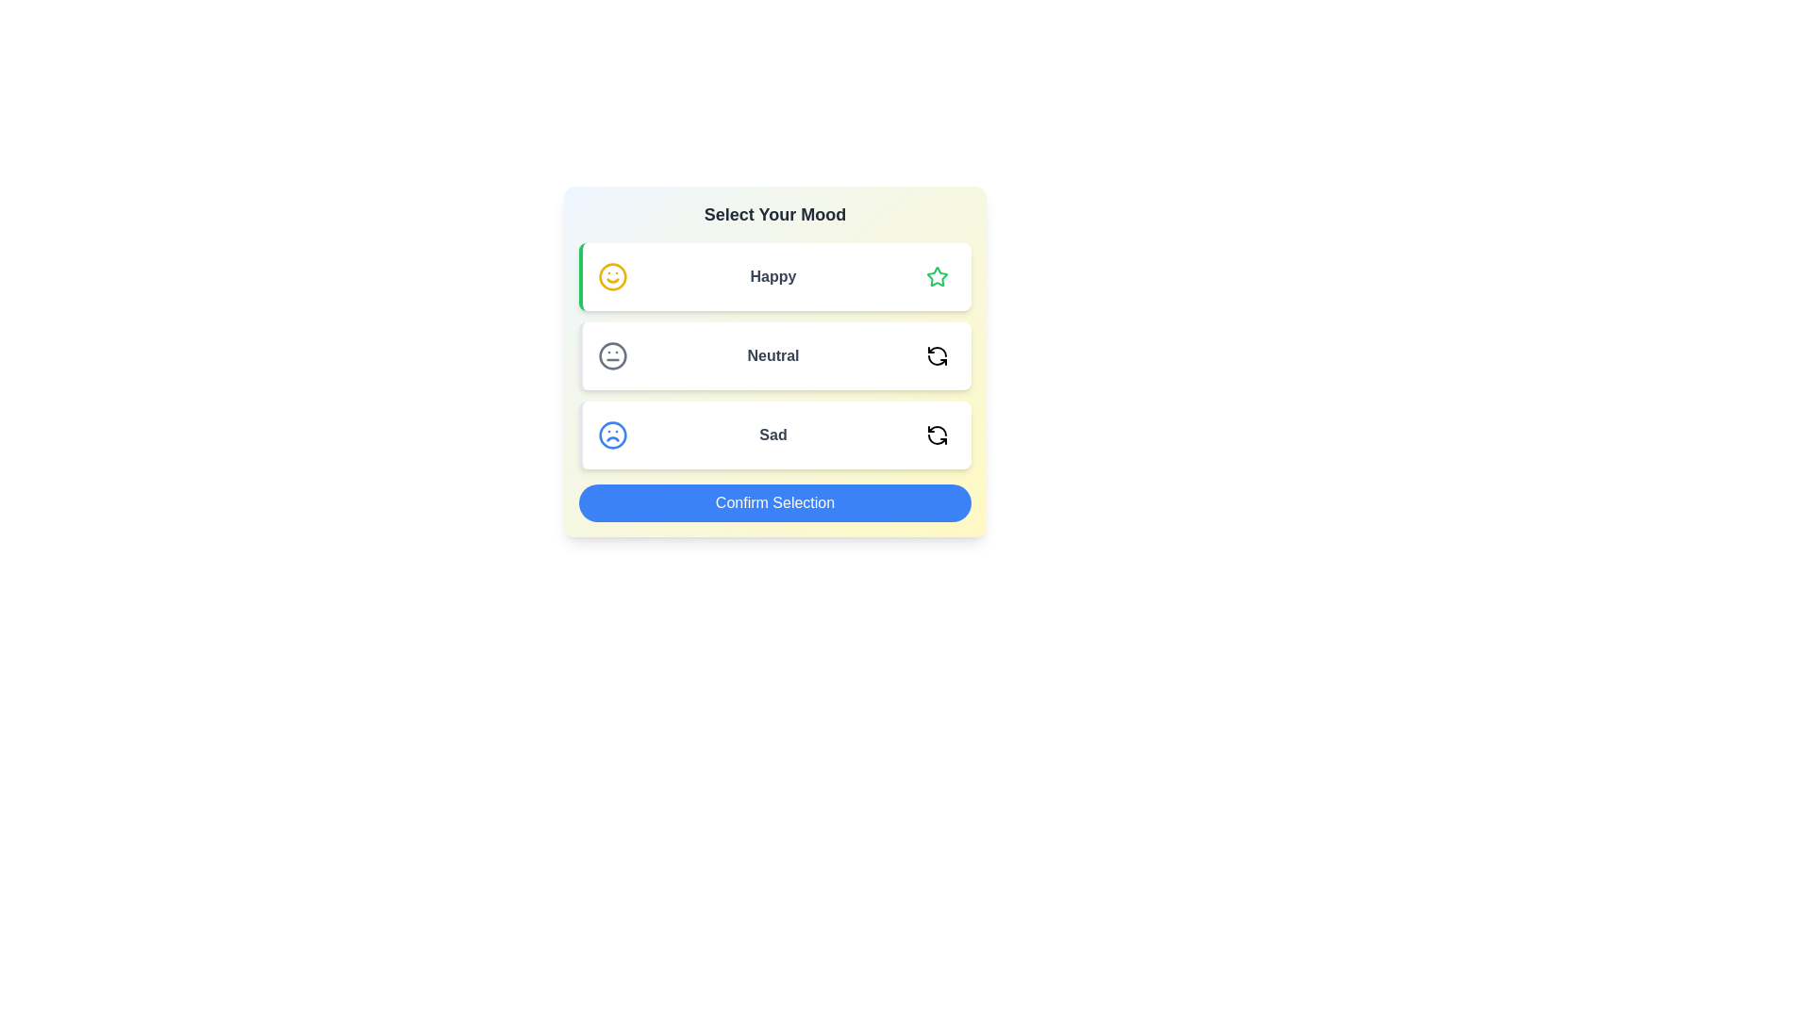 Image resolution: width=1811 pixels, height=1018 pixels. I want to click on 'Confirm Selection' button to finalize the choices, so click(774, 501).